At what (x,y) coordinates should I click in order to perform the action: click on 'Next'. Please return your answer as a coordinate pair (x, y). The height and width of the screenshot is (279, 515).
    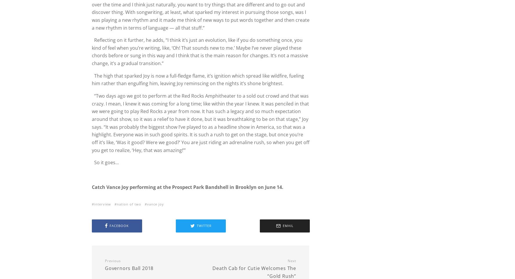
    Looking at the image, I should click on (292, 260).